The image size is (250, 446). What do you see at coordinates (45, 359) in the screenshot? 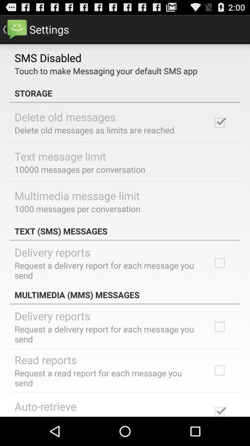
I see `read reports item` at bounding box center [45, 359].